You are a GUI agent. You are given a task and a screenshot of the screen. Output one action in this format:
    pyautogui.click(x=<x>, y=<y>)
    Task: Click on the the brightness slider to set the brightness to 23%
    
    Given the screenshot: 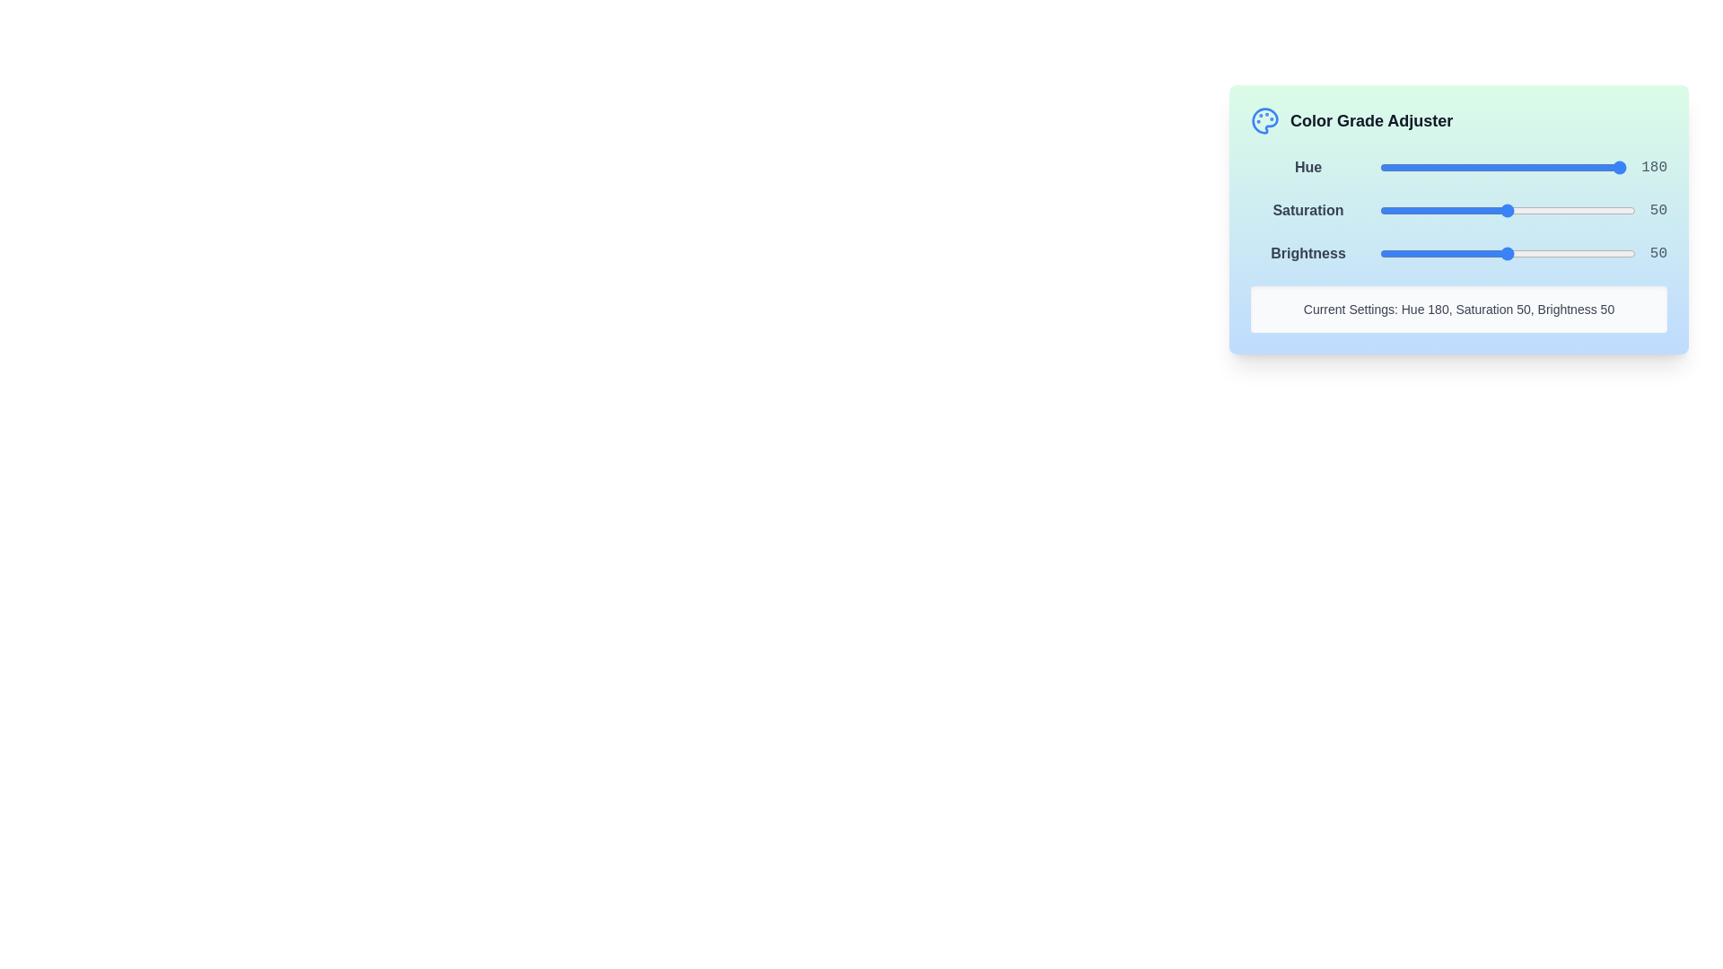 What is the action you would take?
    pyautogui.click(x=1439, y=253)
    